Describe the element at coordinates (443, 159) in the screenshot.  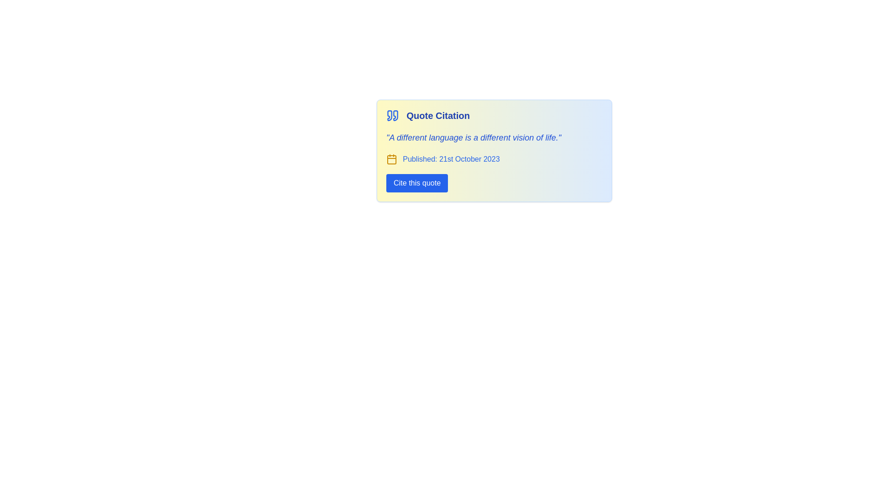
I see `displayed publication date from the informational text located beneath the quote text, above the 'Cite this quote' button` at that location.